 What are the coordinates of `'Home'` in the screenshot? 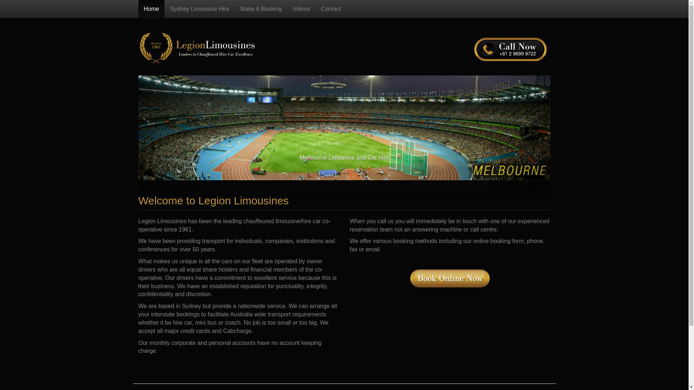 It's located at (138, 9).